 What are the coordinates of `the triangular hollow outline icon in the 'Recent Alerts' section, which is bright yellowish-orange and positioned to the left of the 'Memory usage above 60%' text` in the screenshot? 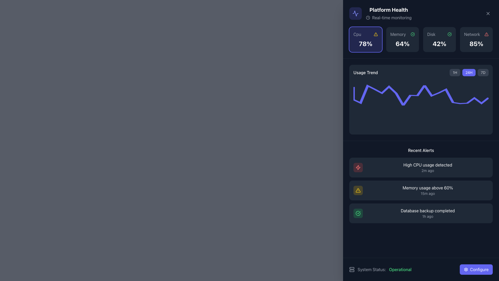 It's located at (358, 190).